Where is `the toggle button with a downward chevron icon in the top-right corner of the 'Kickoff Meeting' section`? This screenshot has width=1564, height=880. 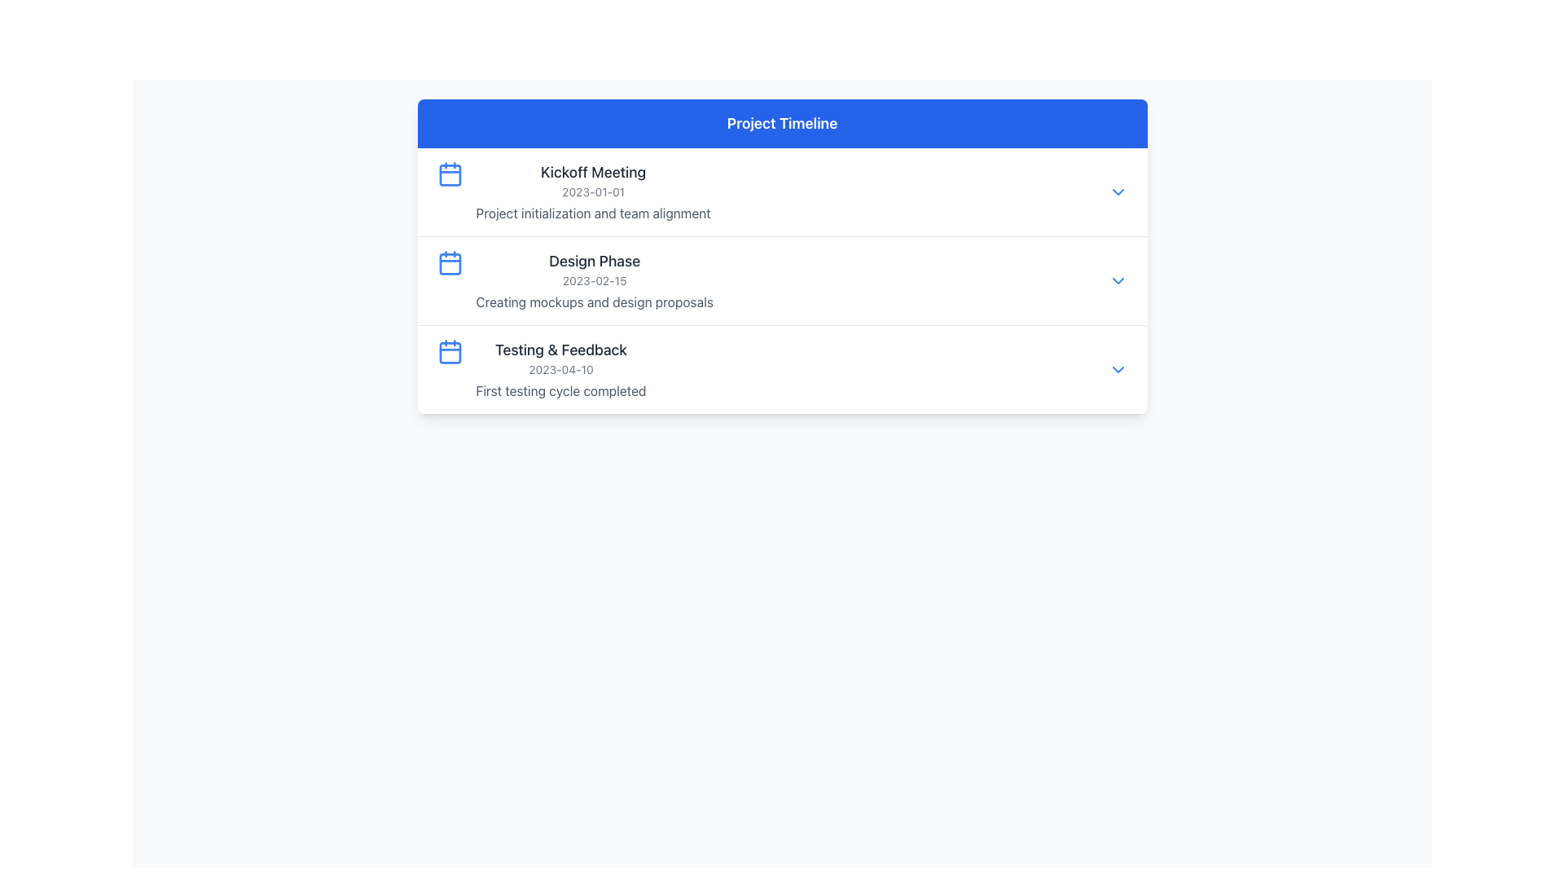 the toggle button with a downward chevron icon in the top-right corner of the 'Kickoff Meeting' section is located at coordinates (1117, 191).